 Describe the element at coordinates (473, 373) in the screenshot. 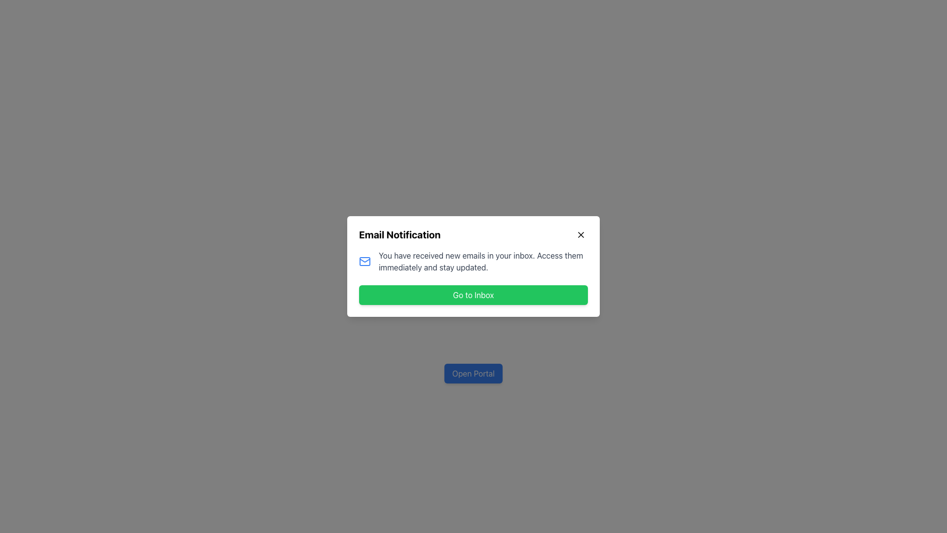

I see `the rectangular blue button with rounded corners that has white bold text saying 'Open Portal'` at that location.